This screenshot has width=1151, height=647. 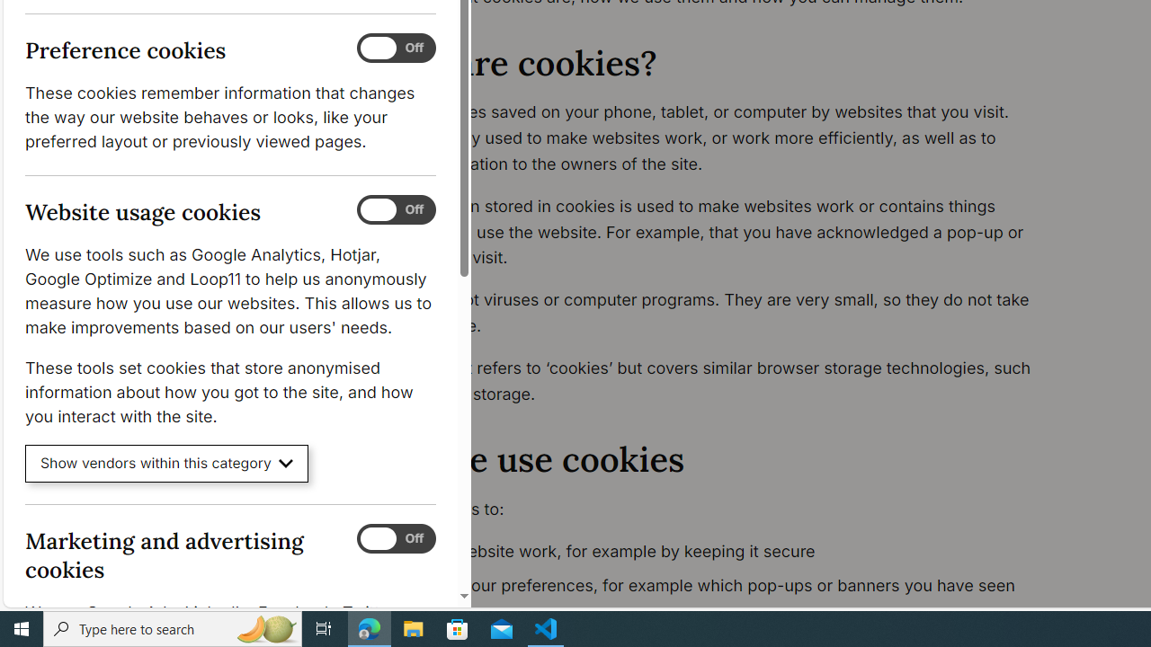 I want to click on 'Marketing and advertising cookies', so click(x=395, y=537).